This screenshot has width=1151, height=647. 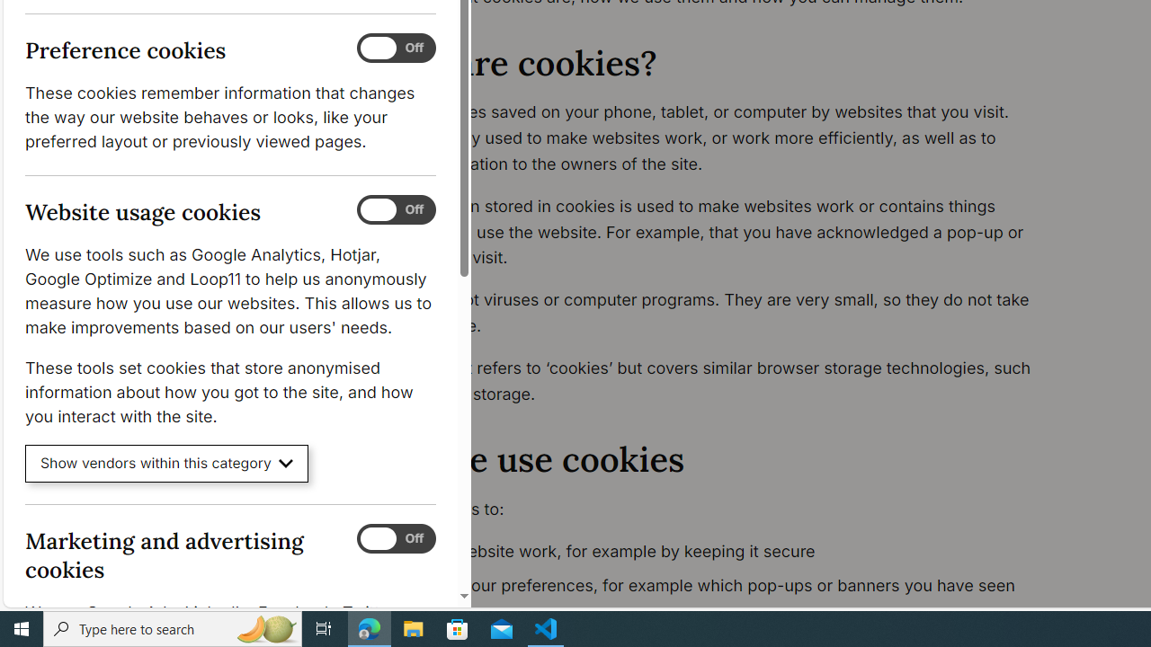 I want to click on 'Marketing and advertising cookies', so click(x=395, y=537).